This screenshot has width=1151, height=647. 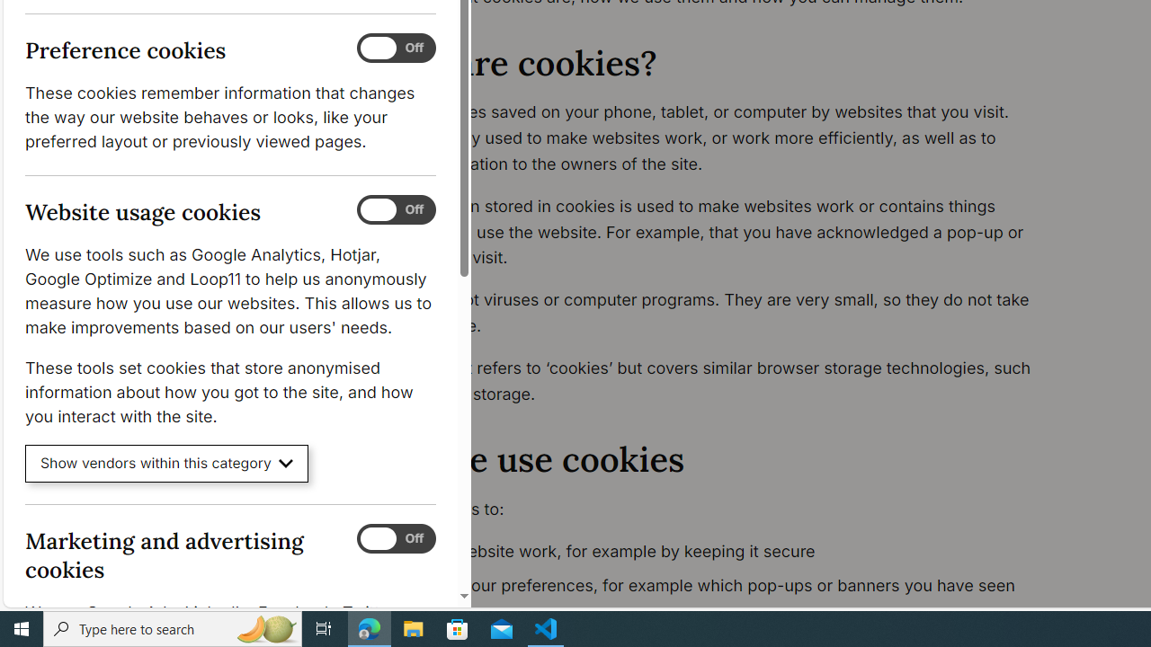 I want to click on 'Marketing and advertising cookies', so click(x=395, y=537).